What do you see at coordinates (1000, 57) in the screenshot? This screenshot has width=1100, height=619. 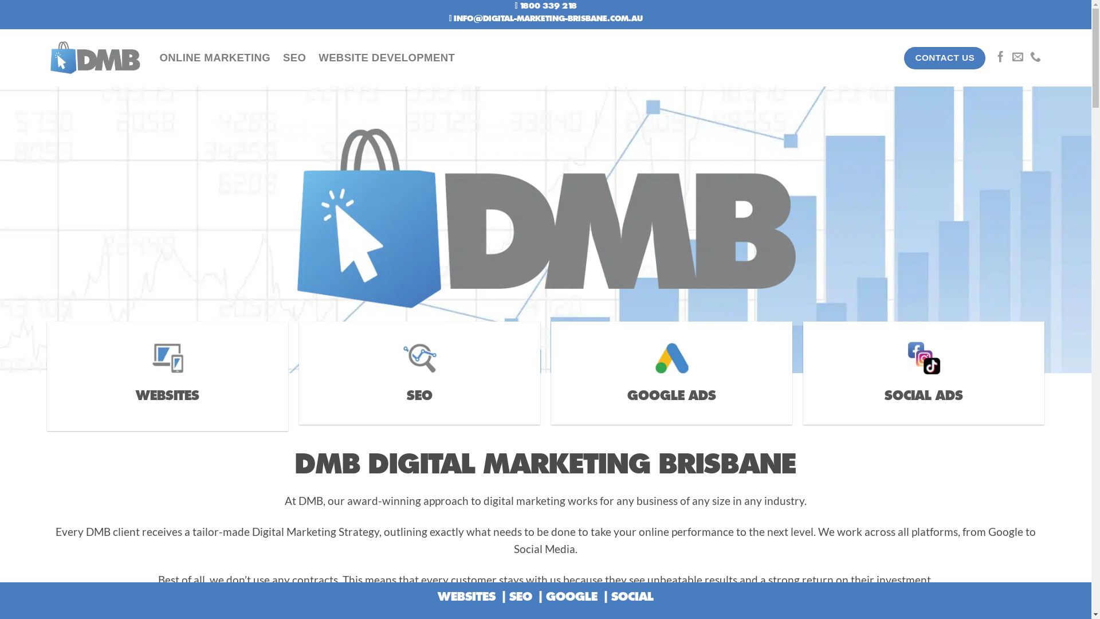 I see `'Follow on Facebook'` at bounding box center [1000, 57].